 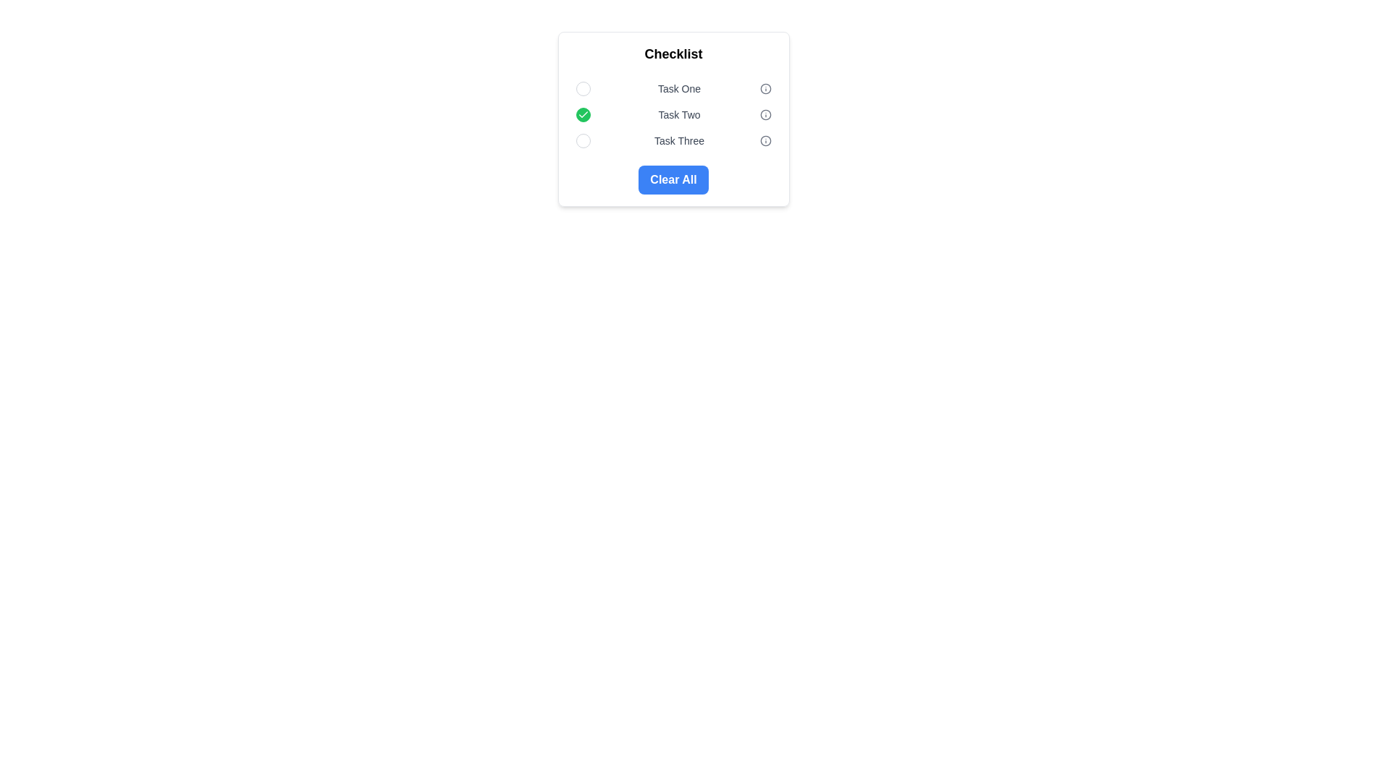 I want to click on the info icon located at the end of the 'Task Two' list item, so click(x=764, y=114).